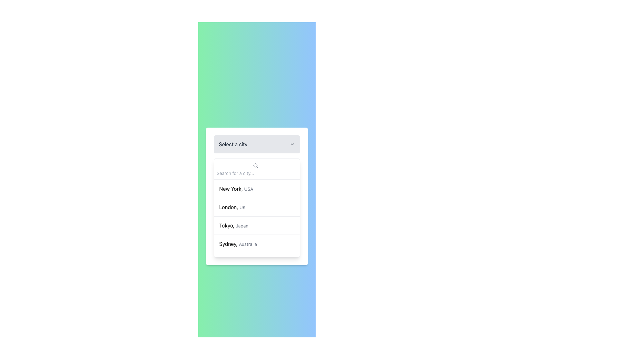 This screenshot has height=348, width=619. What do you see at coordinates (256, 188) in the screenshot?
I see `the first list item in the dropdown menu` at bounding box center [256, 188].